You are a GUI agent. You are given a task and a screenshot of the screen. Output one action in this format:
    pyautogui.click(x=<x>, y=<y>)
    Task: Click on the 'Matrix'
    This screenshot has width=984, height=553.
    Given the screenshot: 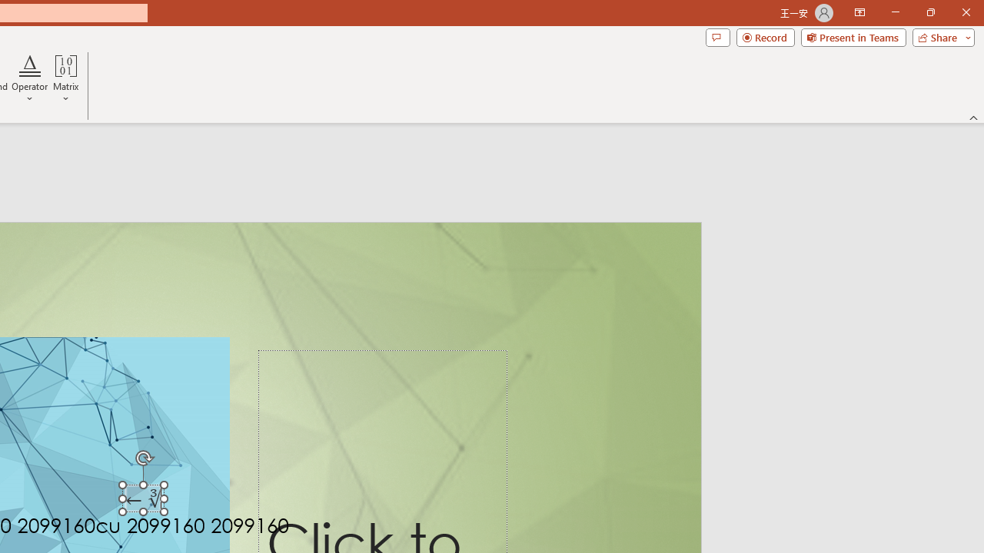 What is the action you would take?
    pyautogui.click(x=65, y=79)
    